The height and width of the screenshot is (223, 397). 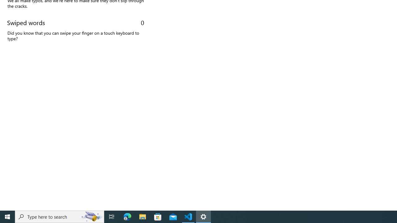 I want to click on 'Settings - 1 running window', so click(x=203, y=216).